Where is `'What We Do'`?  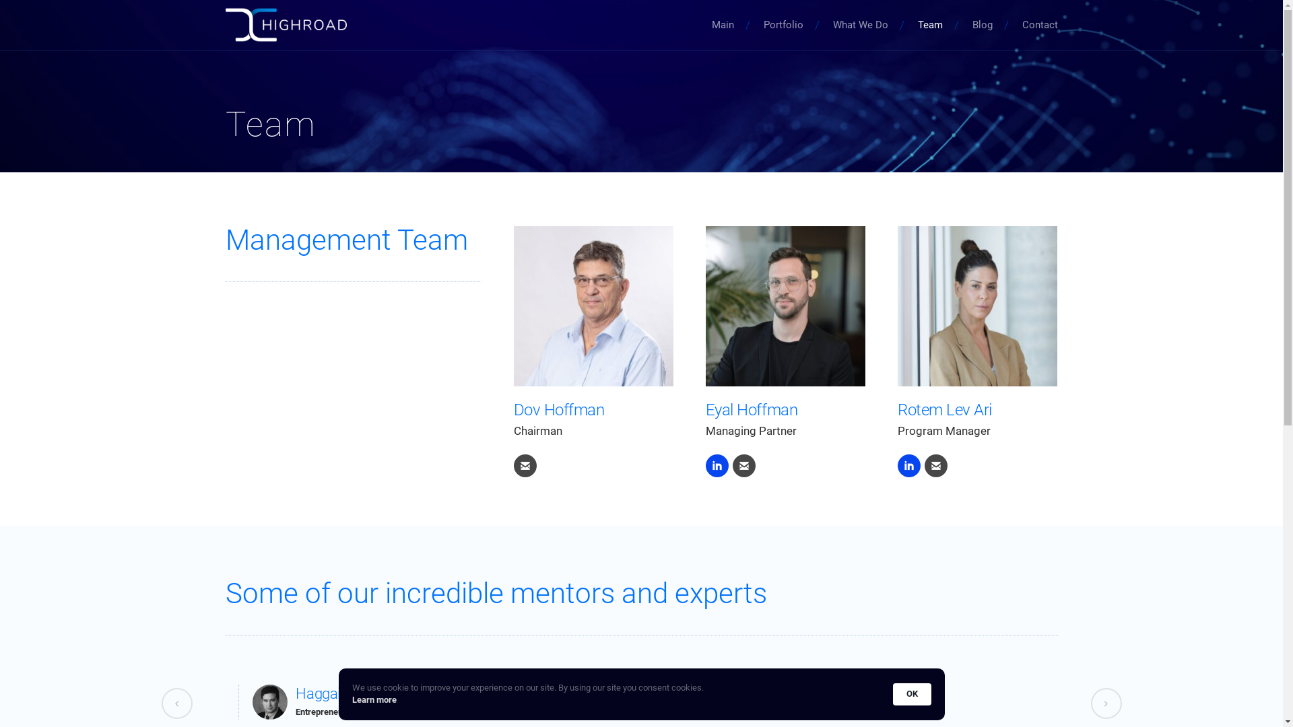 'What We Do' is located at coordinates (859, 25).